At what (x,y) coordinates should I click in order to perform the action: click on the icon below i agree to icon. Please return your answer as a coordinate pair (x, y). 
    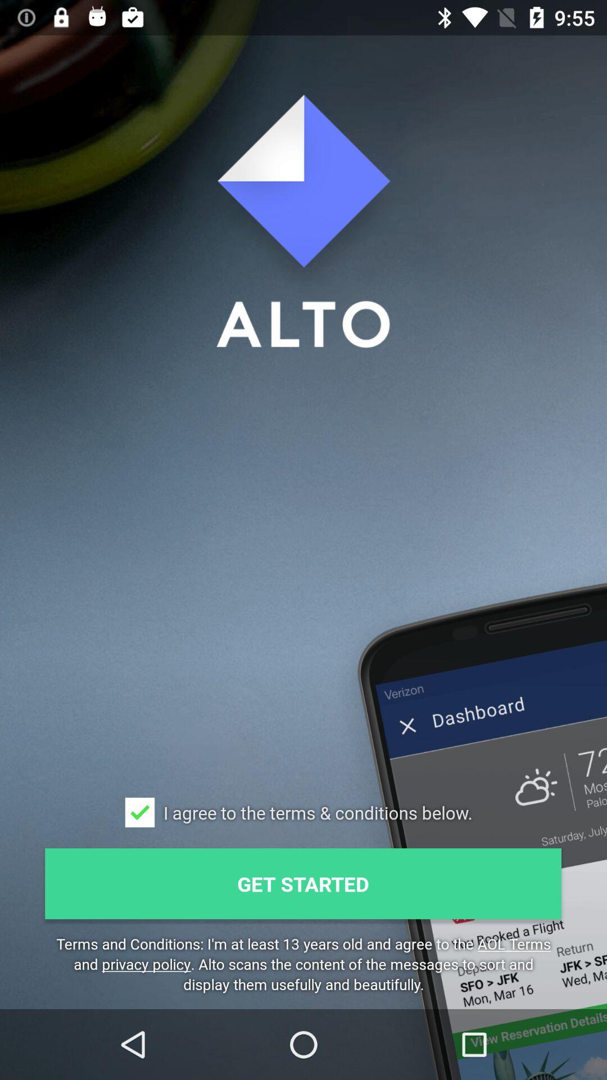
    Looking at the image, I should click on (302, 883).